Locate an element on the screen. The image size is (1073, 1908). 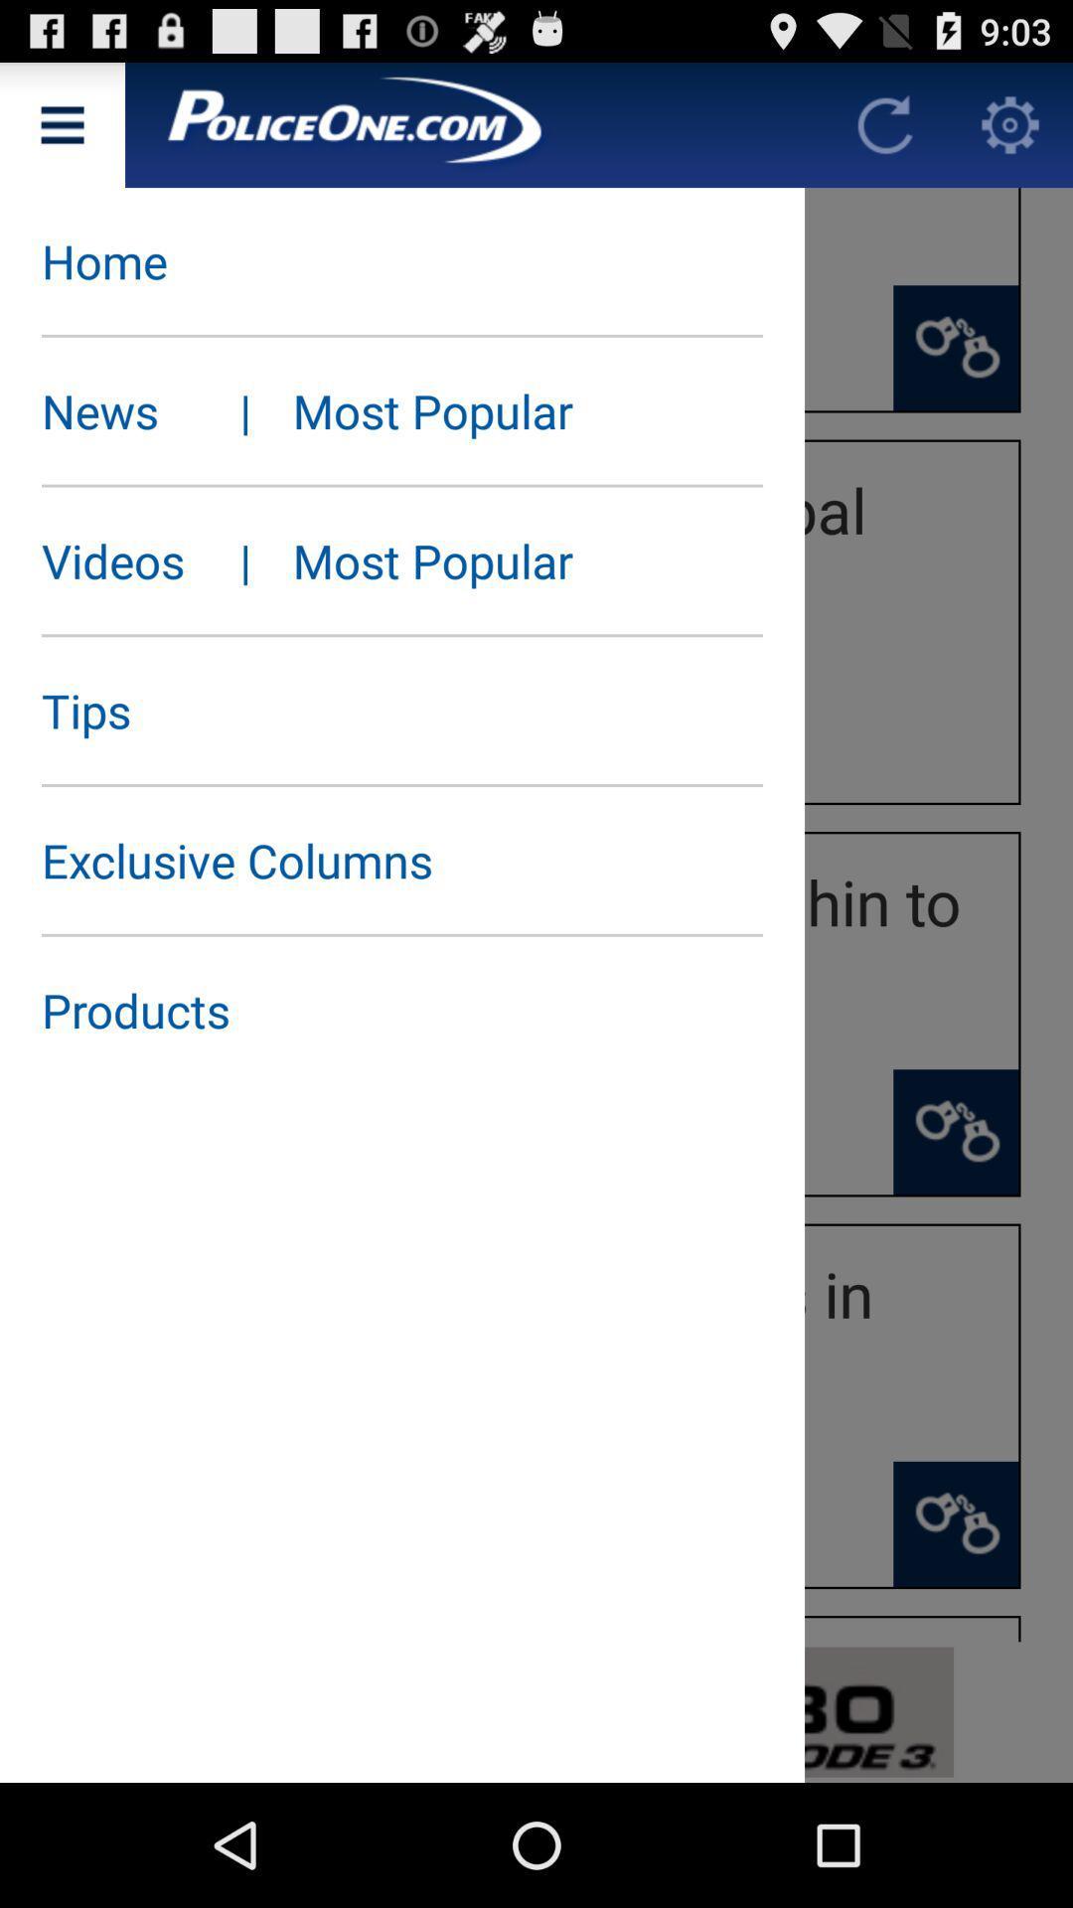
setting icon at the top right corner is located at coordinates (1010, 123).